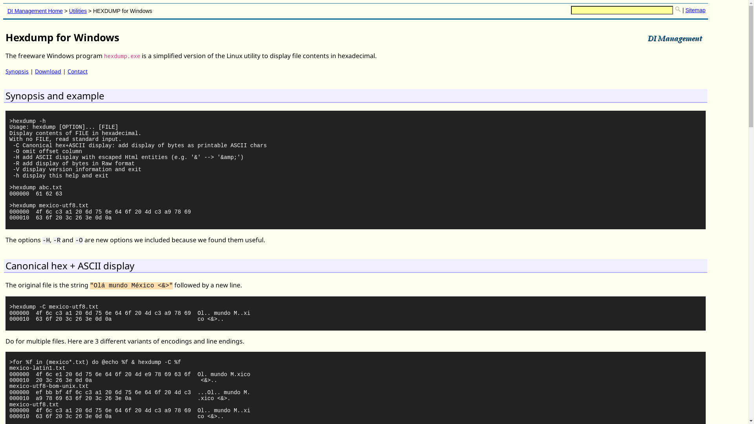 The image size is (754, 424). I want to click on 'DI Management Home', so click(35, 11).